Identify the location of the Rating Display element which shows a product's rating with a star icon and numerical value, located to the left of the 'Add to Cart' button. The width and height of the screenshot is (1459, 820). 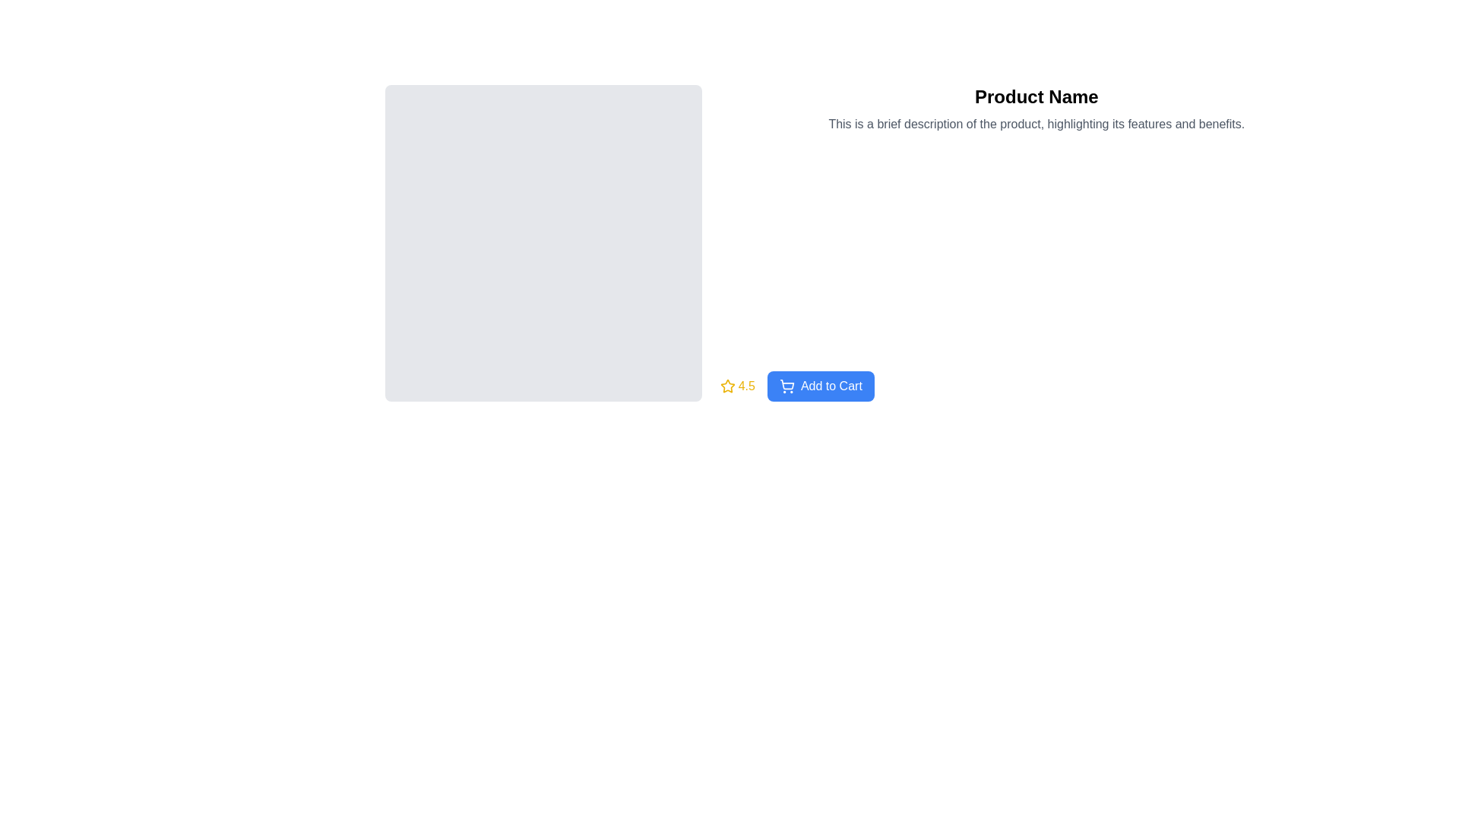
(737, 385).